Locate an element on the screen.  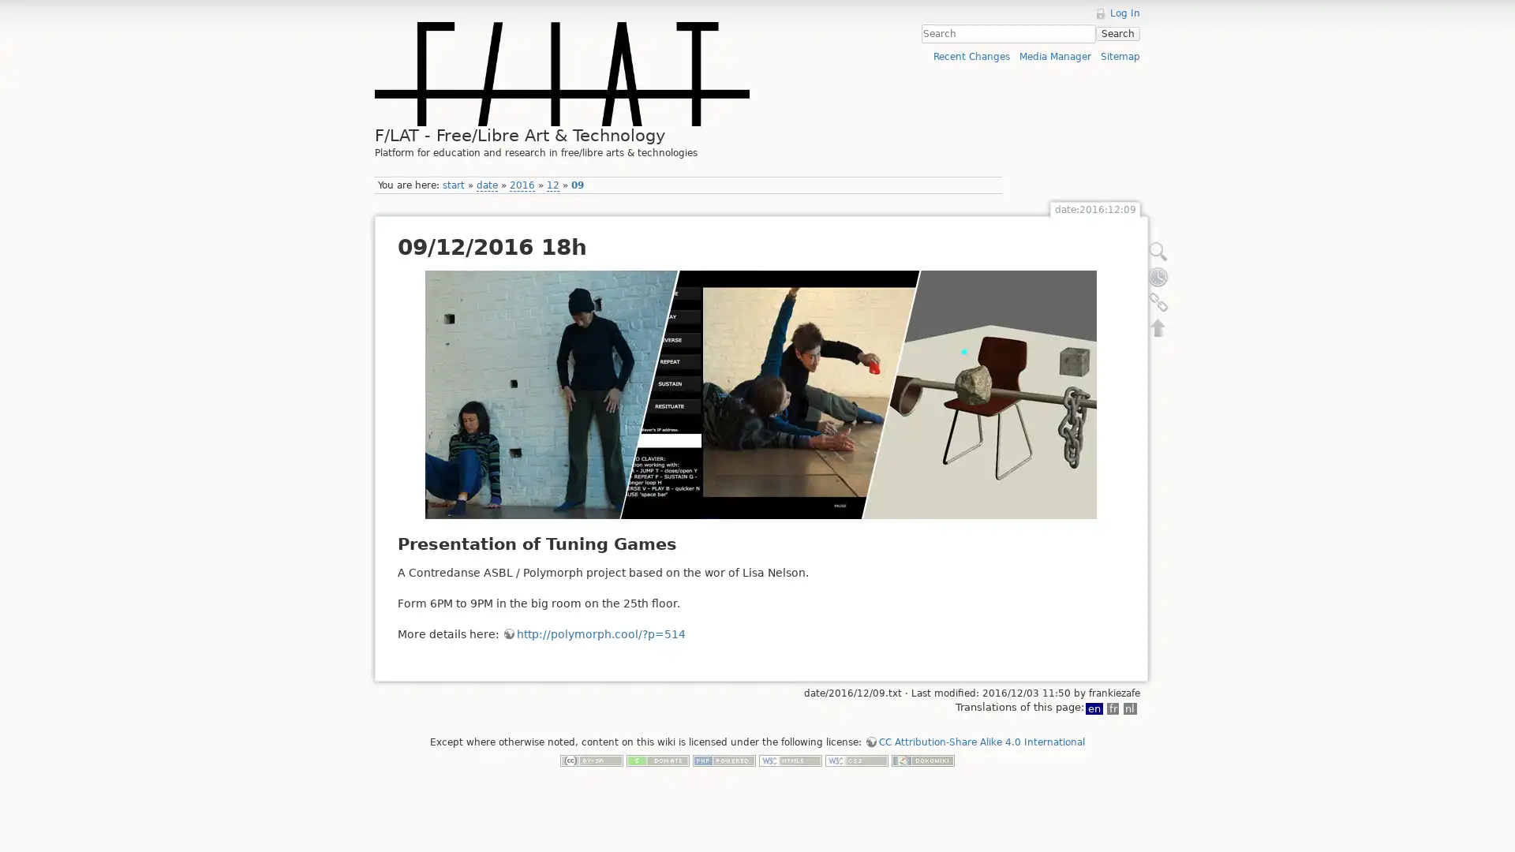
Search is located at coordinates (1117, 33).